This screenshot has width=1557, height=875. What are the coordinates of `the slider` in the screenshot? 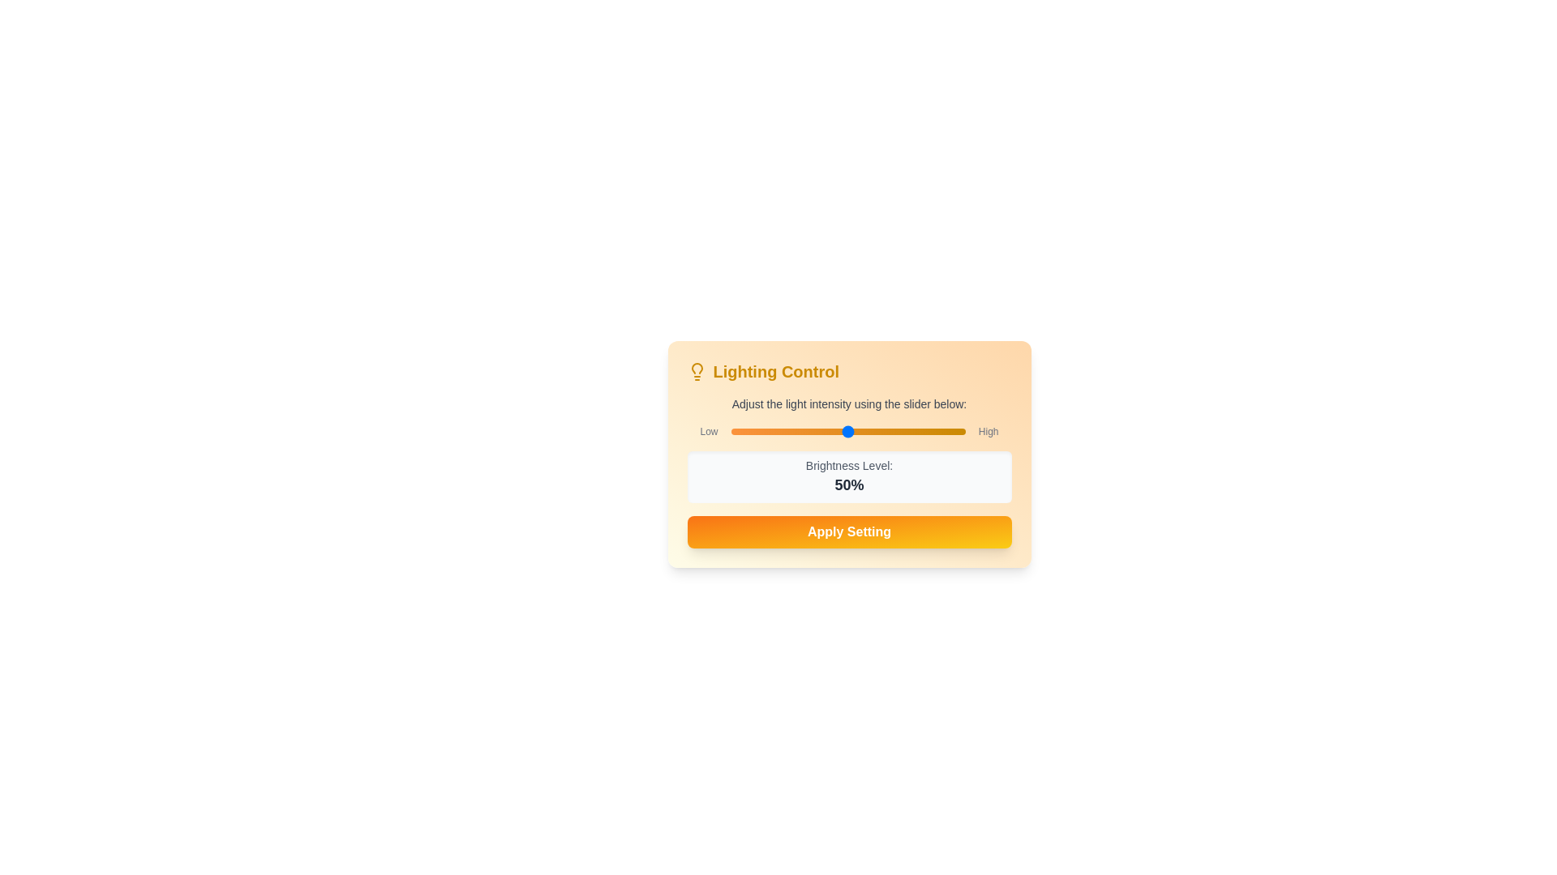 It's located at (918, 430).